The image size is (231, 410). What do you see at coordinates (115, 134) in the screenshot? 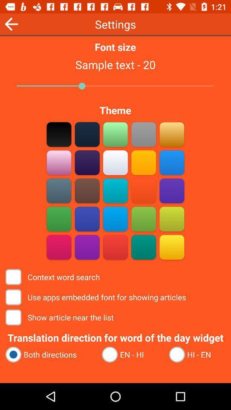
I see `the color green` at bounding box center [115, 134].